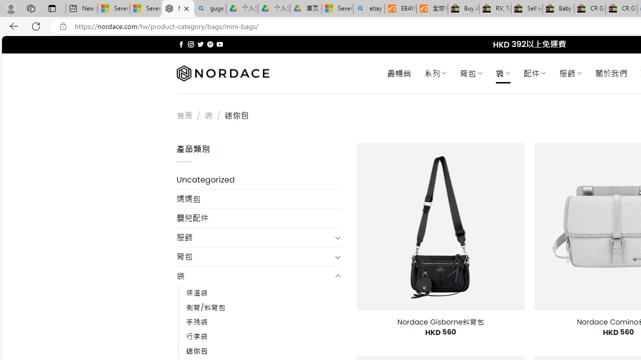 This screenshot has height=360, width=641. What do you see at coordinates (463, 8) in the screenshot?
I see `'Buy Auto Parts & Accessories | eBay'` at bounding box center [463, 8].